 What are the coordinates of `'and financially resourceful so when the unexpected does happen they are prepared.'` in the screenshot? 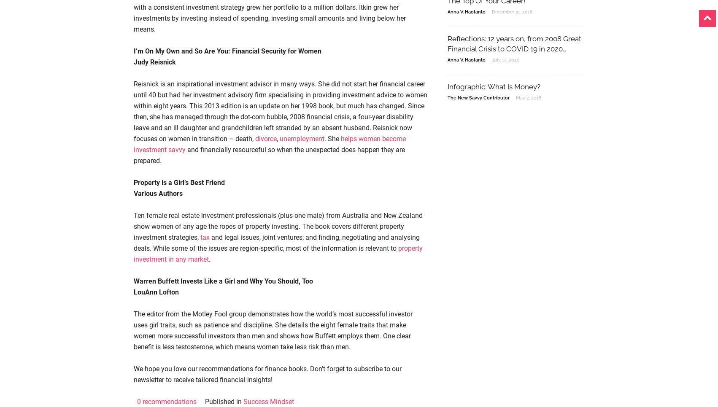 It's located at (269, 155).